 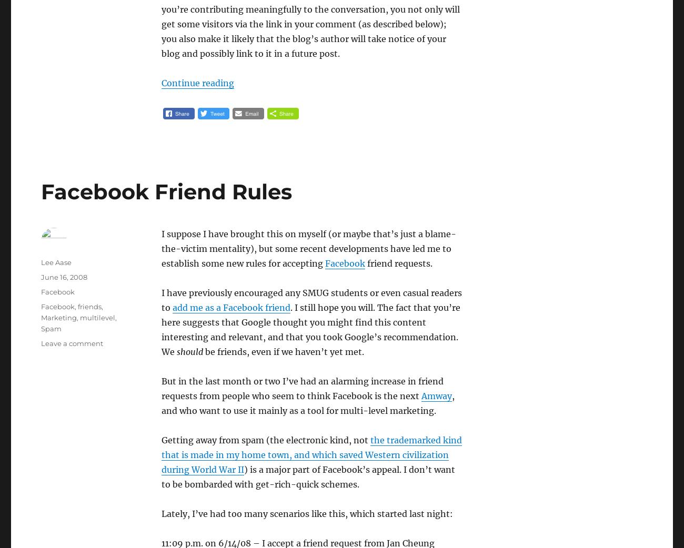 What do you see at coordinates (41, 262) in the screenshot?
I see `'Lee Aase'` at bounding box center [41, 262].